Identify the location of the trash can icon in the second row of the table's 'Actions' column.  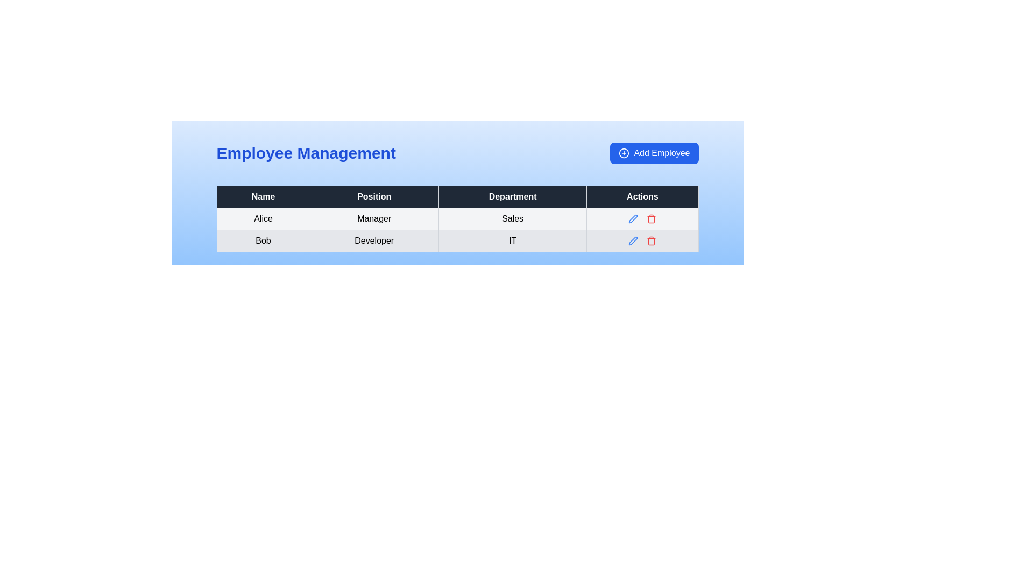
(651, 219).